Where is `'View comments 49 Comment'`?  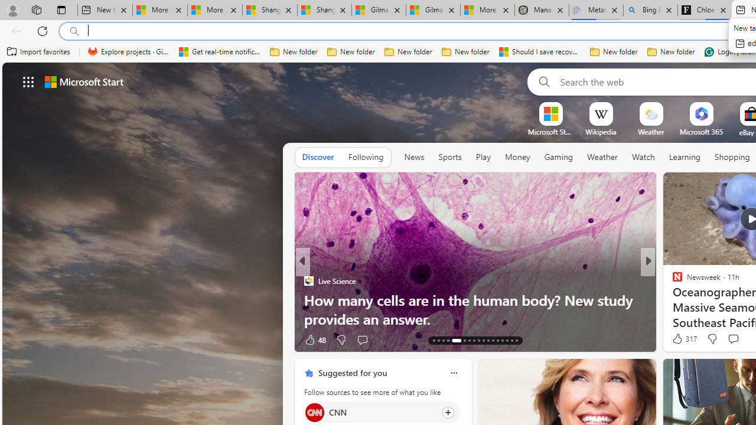 'View comments 49 Comment' is located at coordinates (729, 339).